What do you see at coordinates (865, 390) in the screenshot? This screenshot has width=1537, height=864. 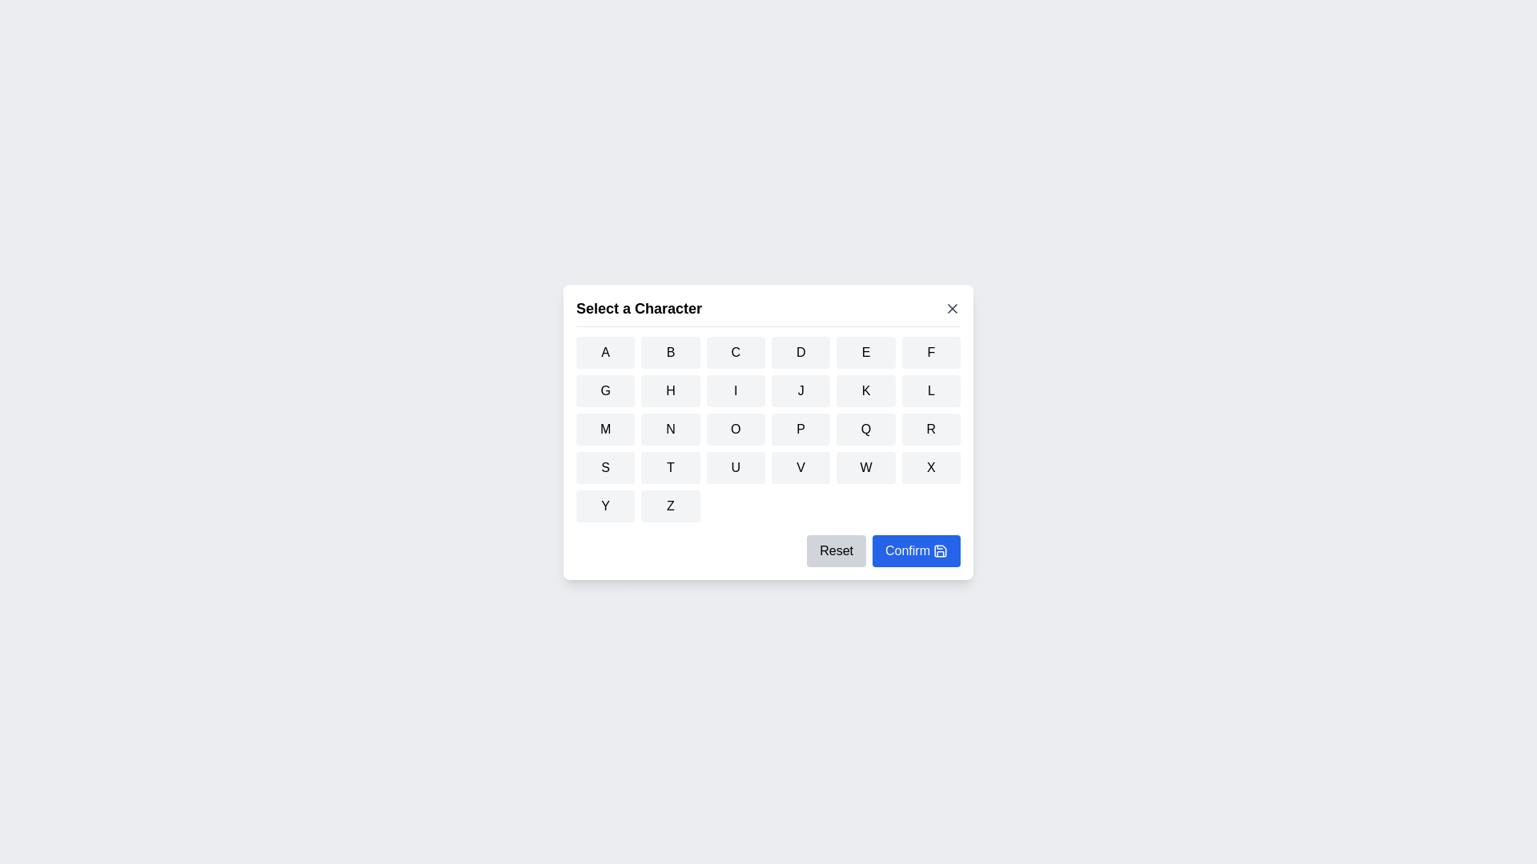 I see `the button corresponding to the character K to select it` at bounding box center [865, 390].